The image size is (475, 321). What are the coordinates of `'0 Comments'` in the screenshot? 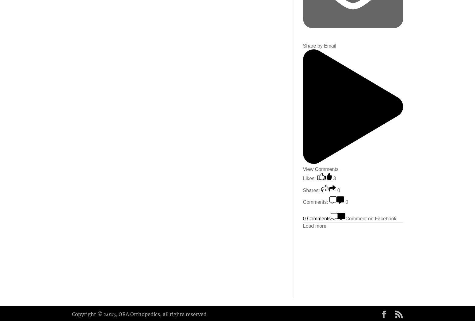 It's located at (317, 219).